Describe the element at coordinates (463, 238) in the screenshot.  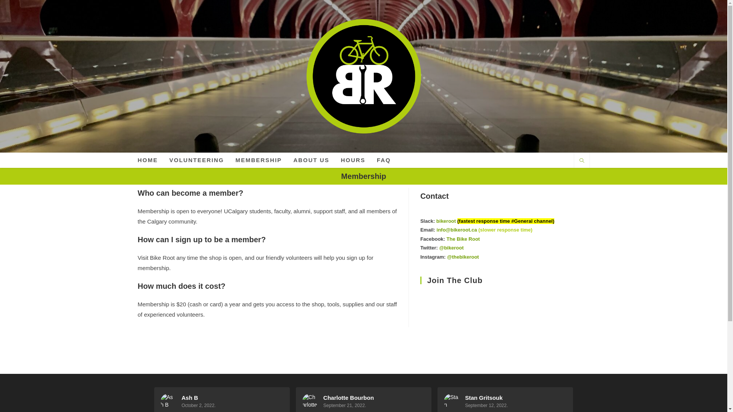
I see `'The Bike Root'` at that location.